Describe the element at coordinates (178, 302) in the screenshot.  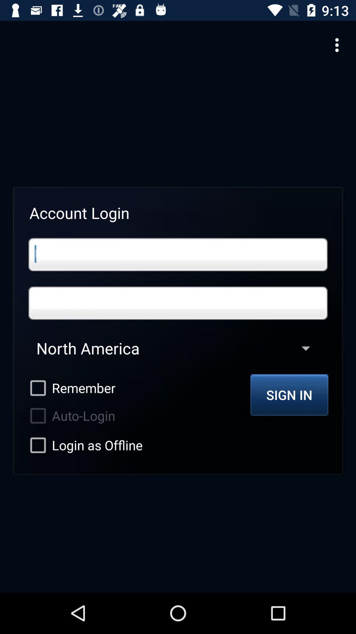
I see `password login` at that location.